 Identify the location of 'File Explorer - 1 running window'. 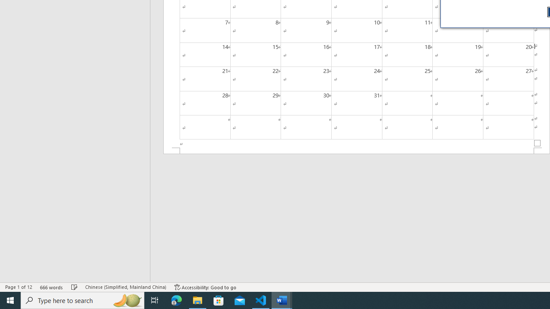
(197, 300).